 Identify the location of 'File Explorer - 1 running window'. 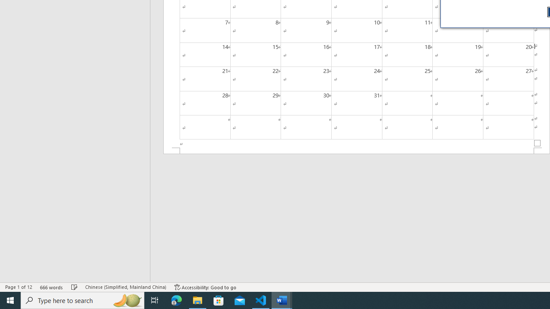
(197, 300).